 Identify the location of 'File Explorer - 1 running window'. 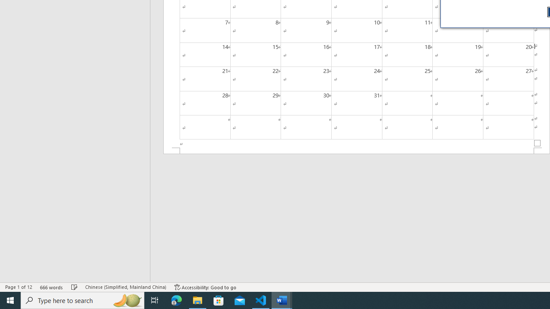
(197, 300).